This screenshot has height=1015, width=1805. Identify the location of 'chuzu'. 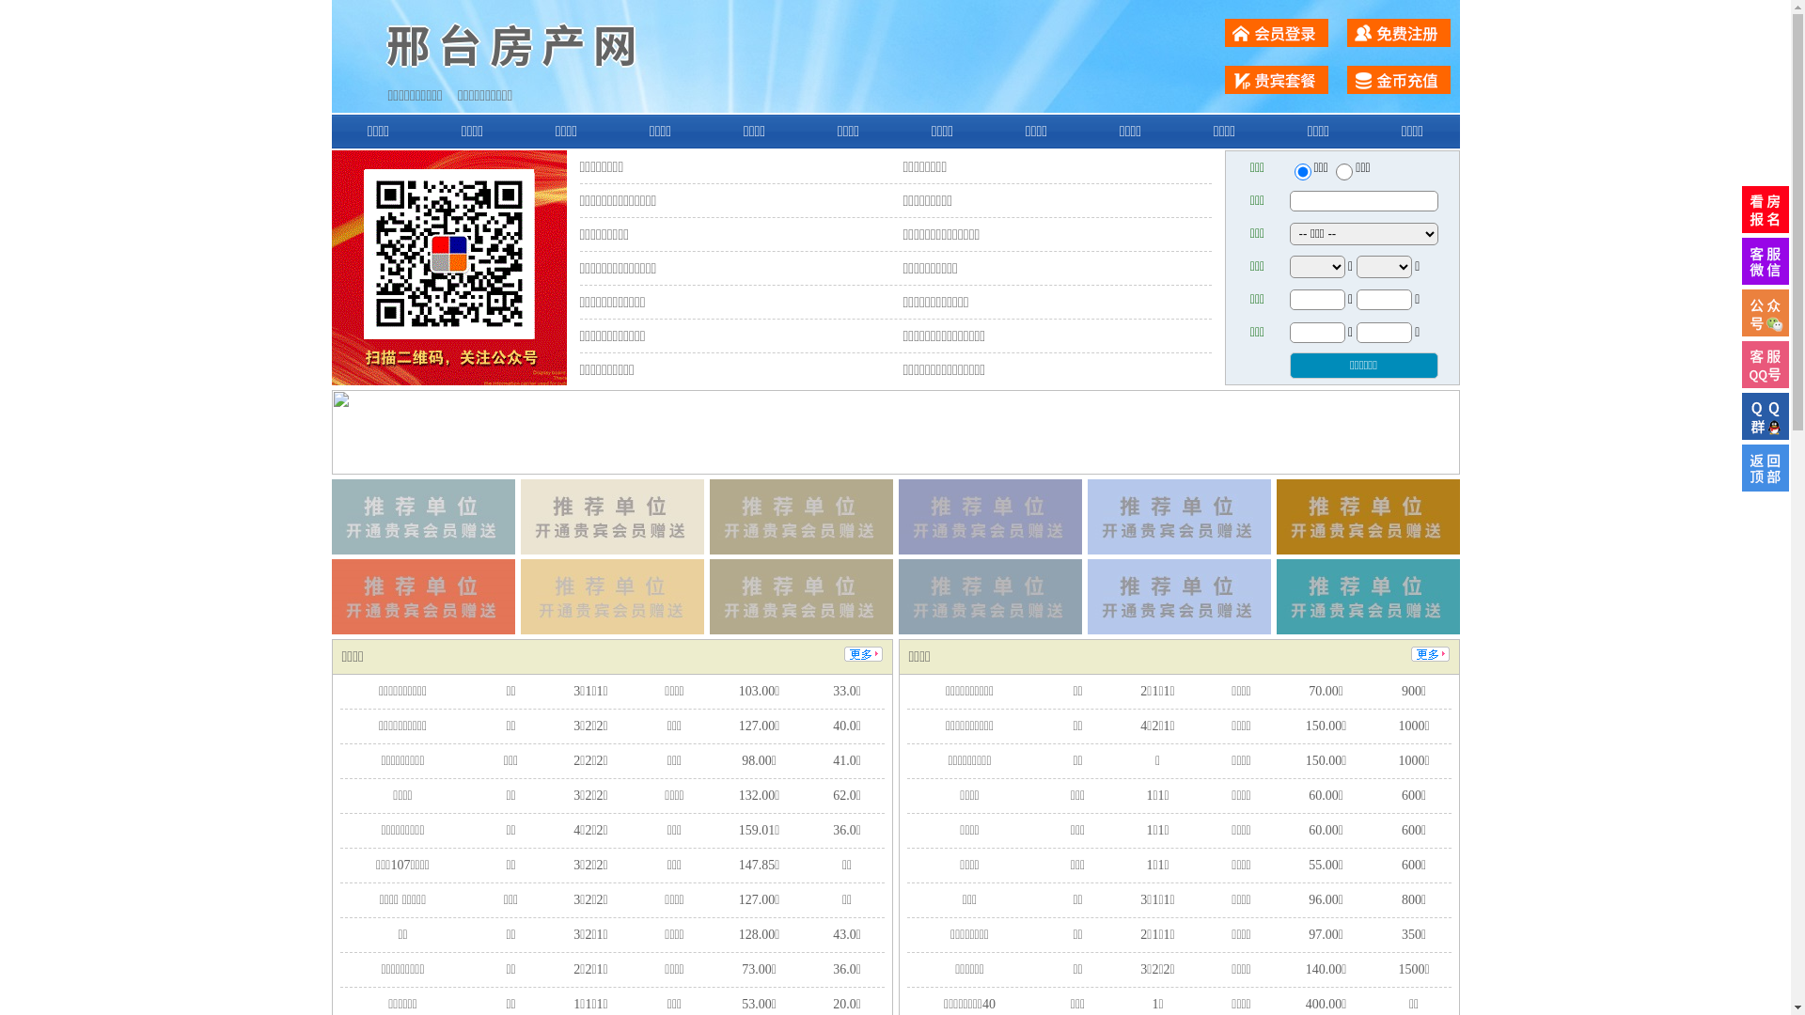
(1343, 171).